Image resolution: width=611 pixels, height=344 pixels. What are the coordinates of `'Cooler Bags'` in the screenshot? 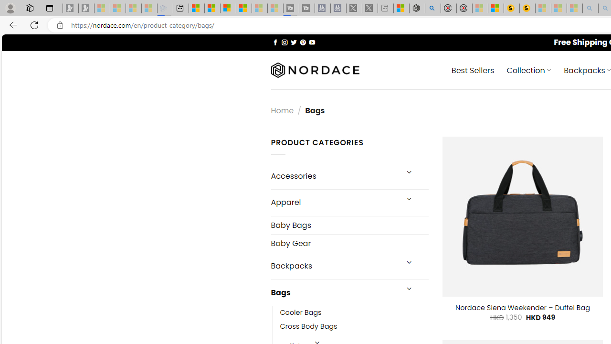 It's located at (300, 313).